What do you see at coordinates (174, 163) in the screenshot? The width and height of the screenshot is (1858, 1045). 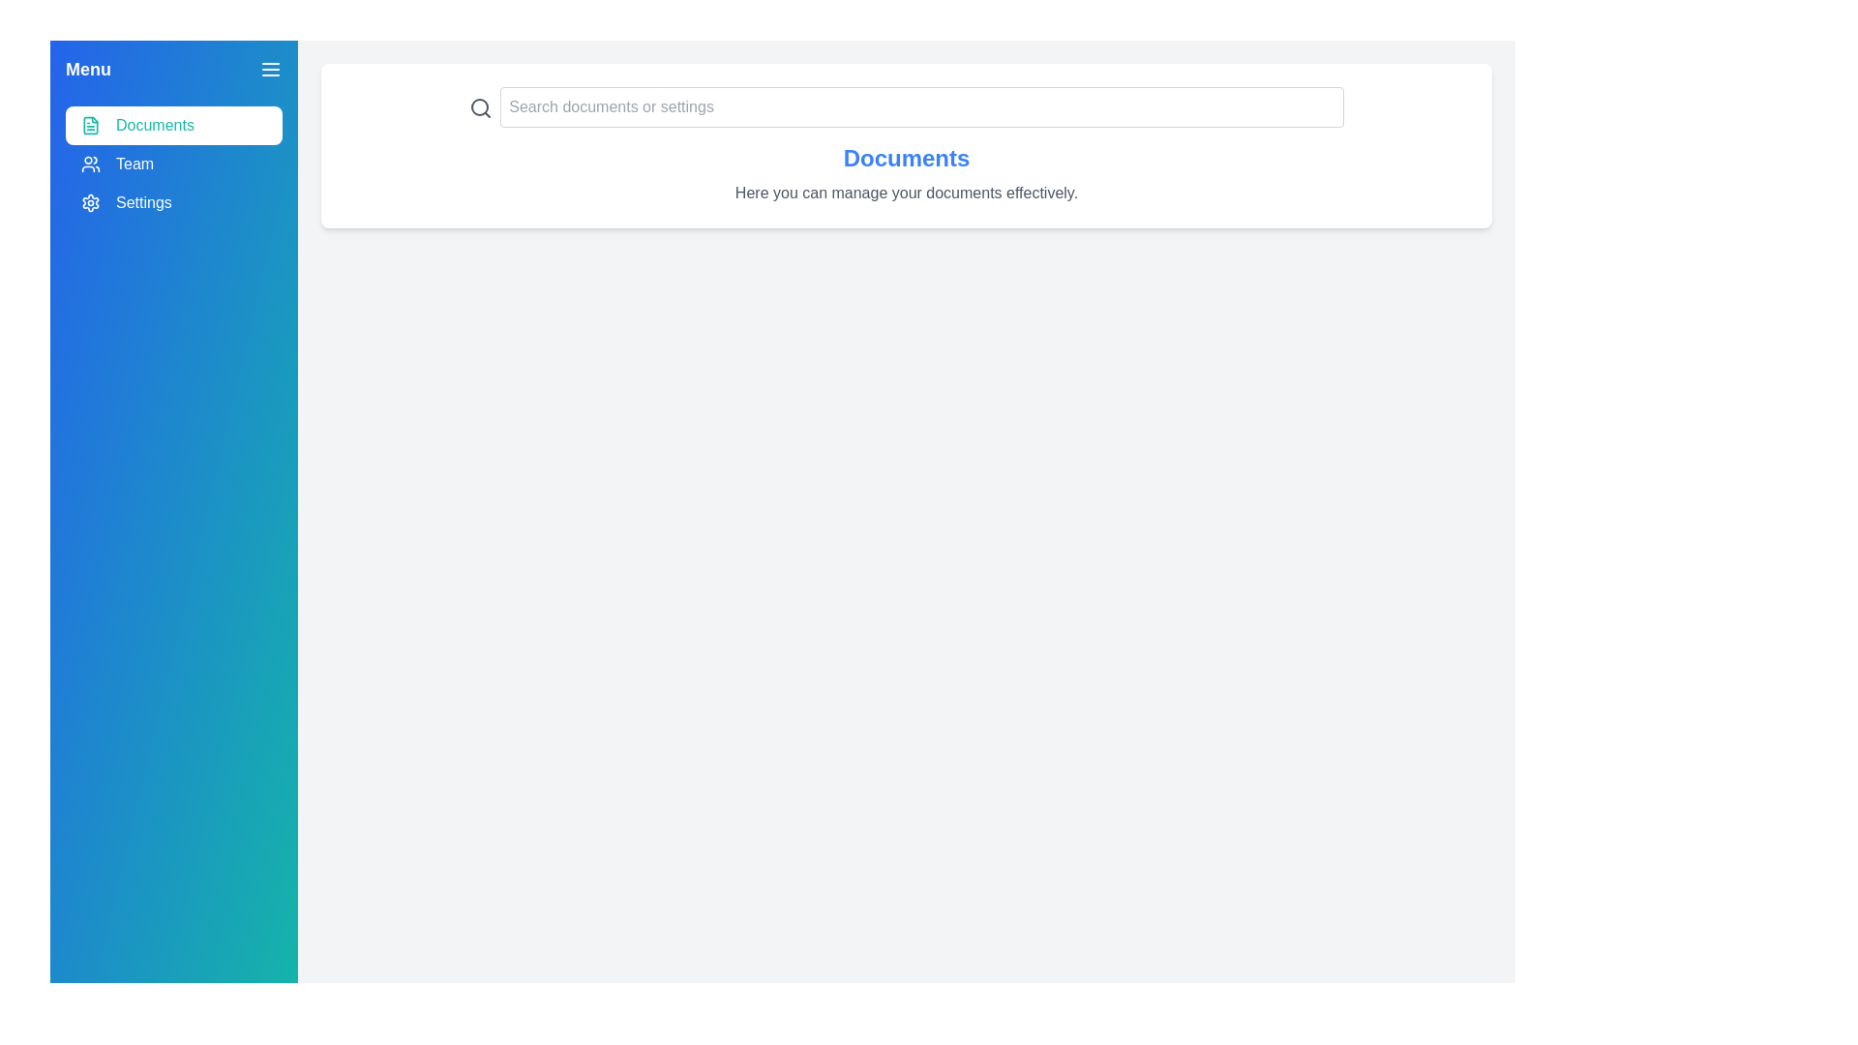 I see `the section Team from the menu` at bounding box center [174, 163].